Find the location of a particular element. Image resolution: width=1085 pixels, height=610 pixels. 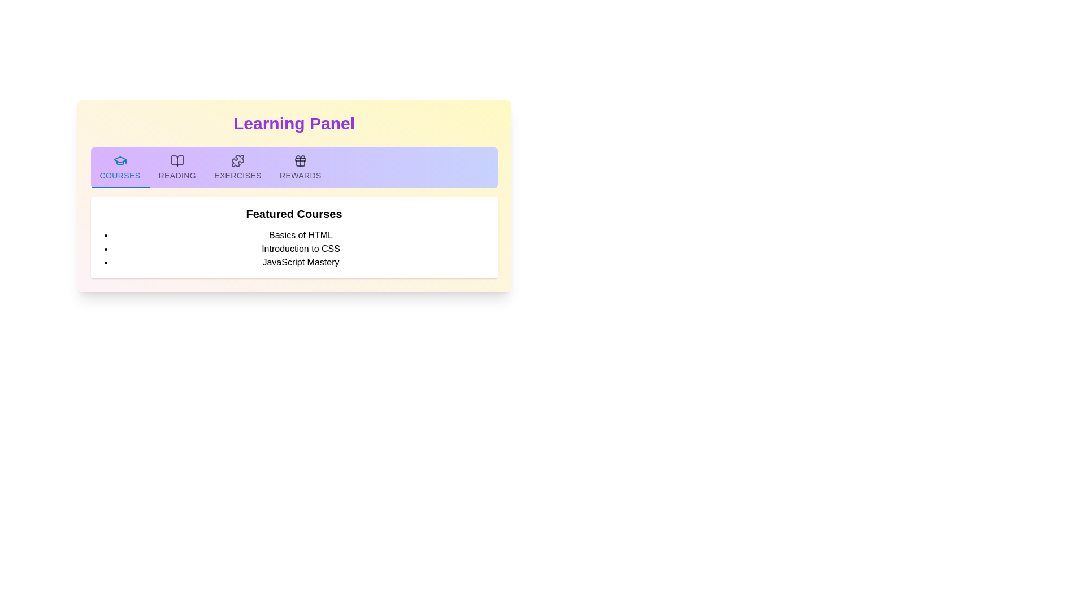

the navigation tab located below the 'Learning Panel' title within a light yellow box is located at coordinates (294, 168).